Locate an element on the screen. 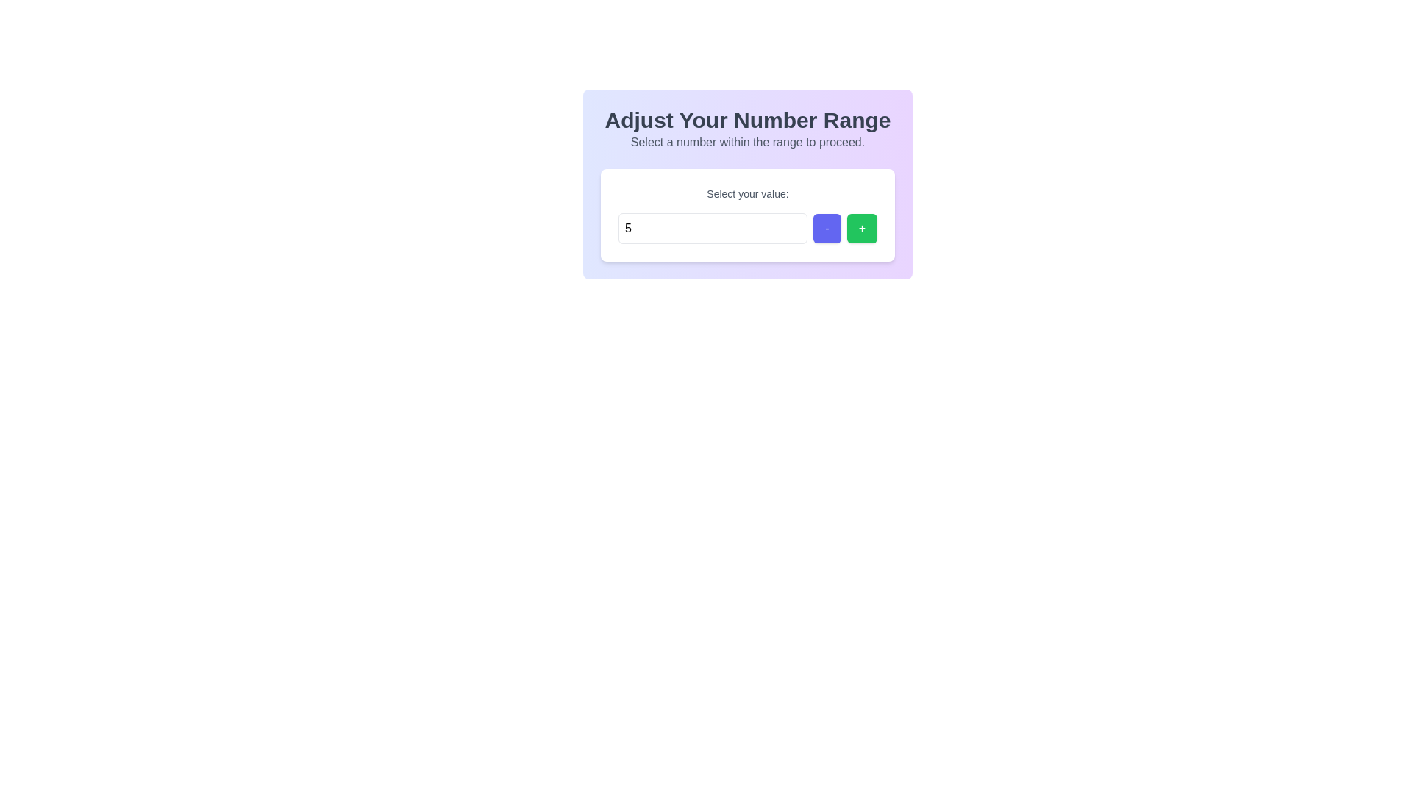 This screenshot has height=794, width=1412. the static text element that reads 'Select a number within the range to proceed.' which is located below the heading 'Adjust Your Number Range.' is located at coordinates (748, 142).